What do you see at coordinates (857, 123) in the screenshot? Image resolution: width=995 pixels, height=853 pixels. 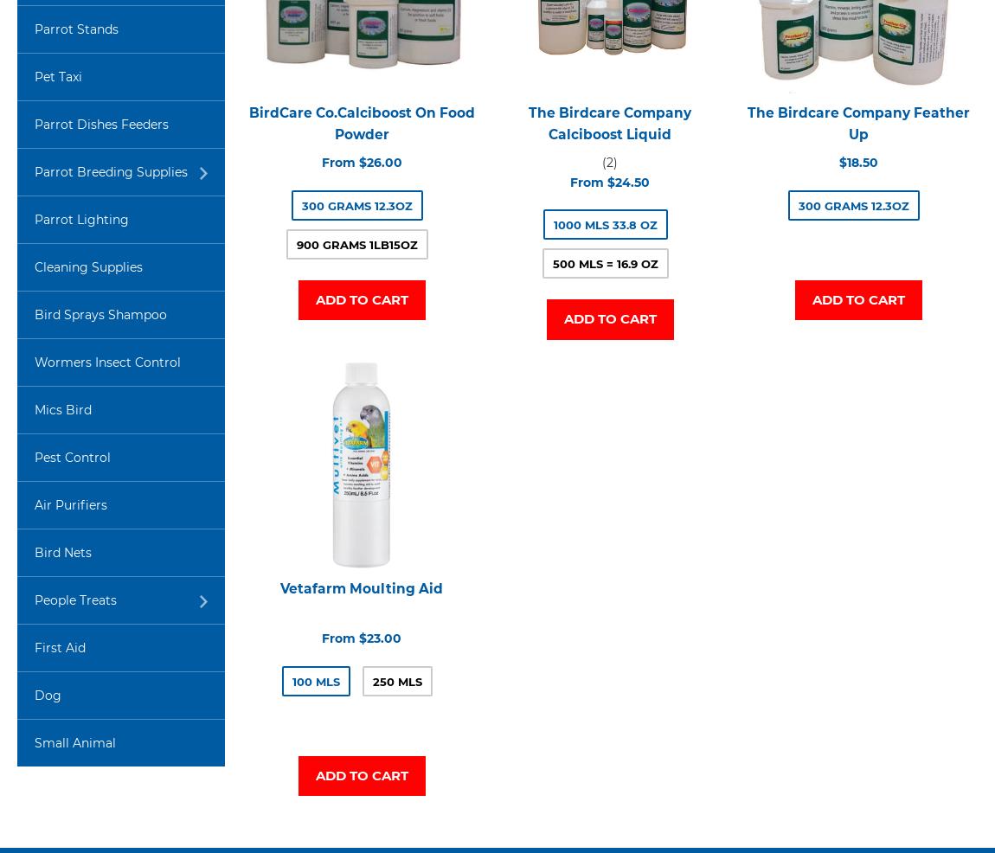 I see `'The Birdcare Company Feather Up'` at bounding box center [857, 123].